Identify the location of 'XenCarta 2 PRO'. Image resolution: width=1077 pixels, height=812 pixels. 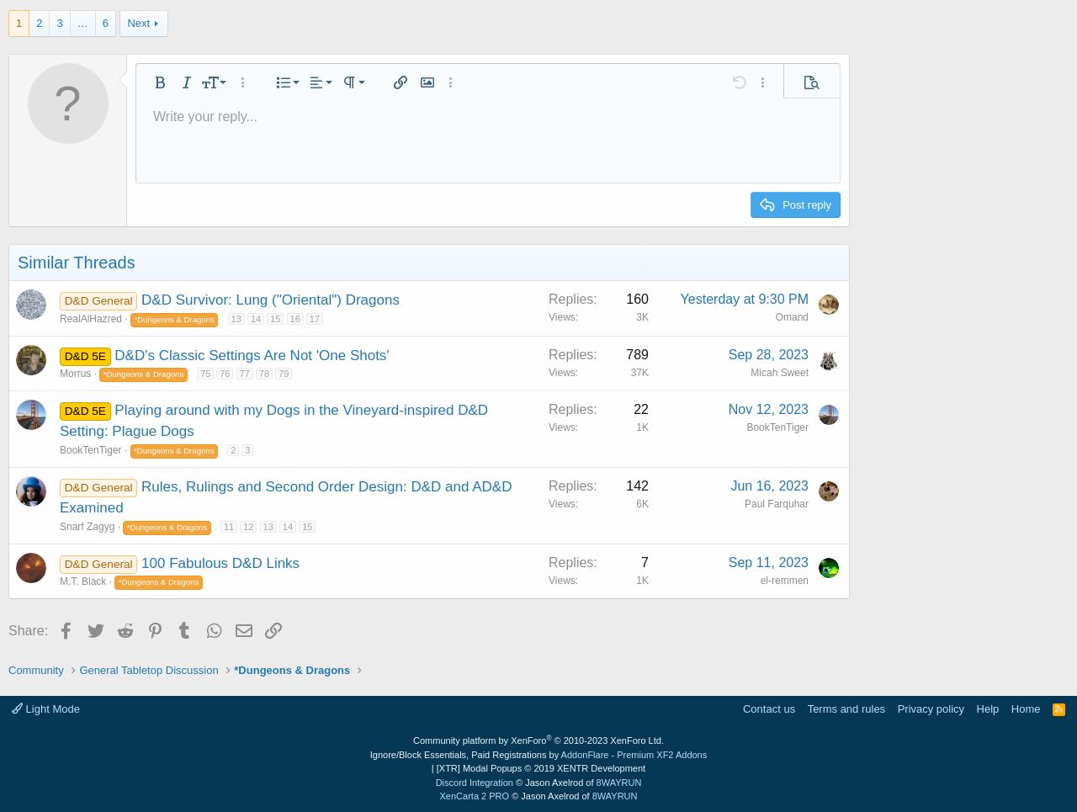
(473, 795).